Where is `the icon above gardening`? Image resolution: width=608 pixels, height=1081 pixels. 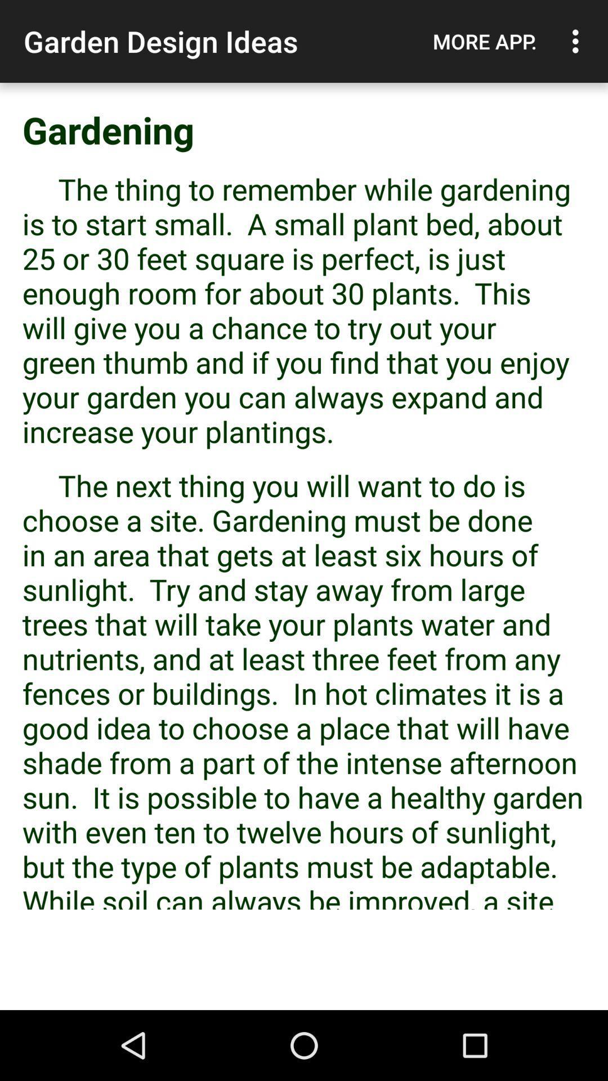 the icon above gardening is located at coordinates (578, 41).